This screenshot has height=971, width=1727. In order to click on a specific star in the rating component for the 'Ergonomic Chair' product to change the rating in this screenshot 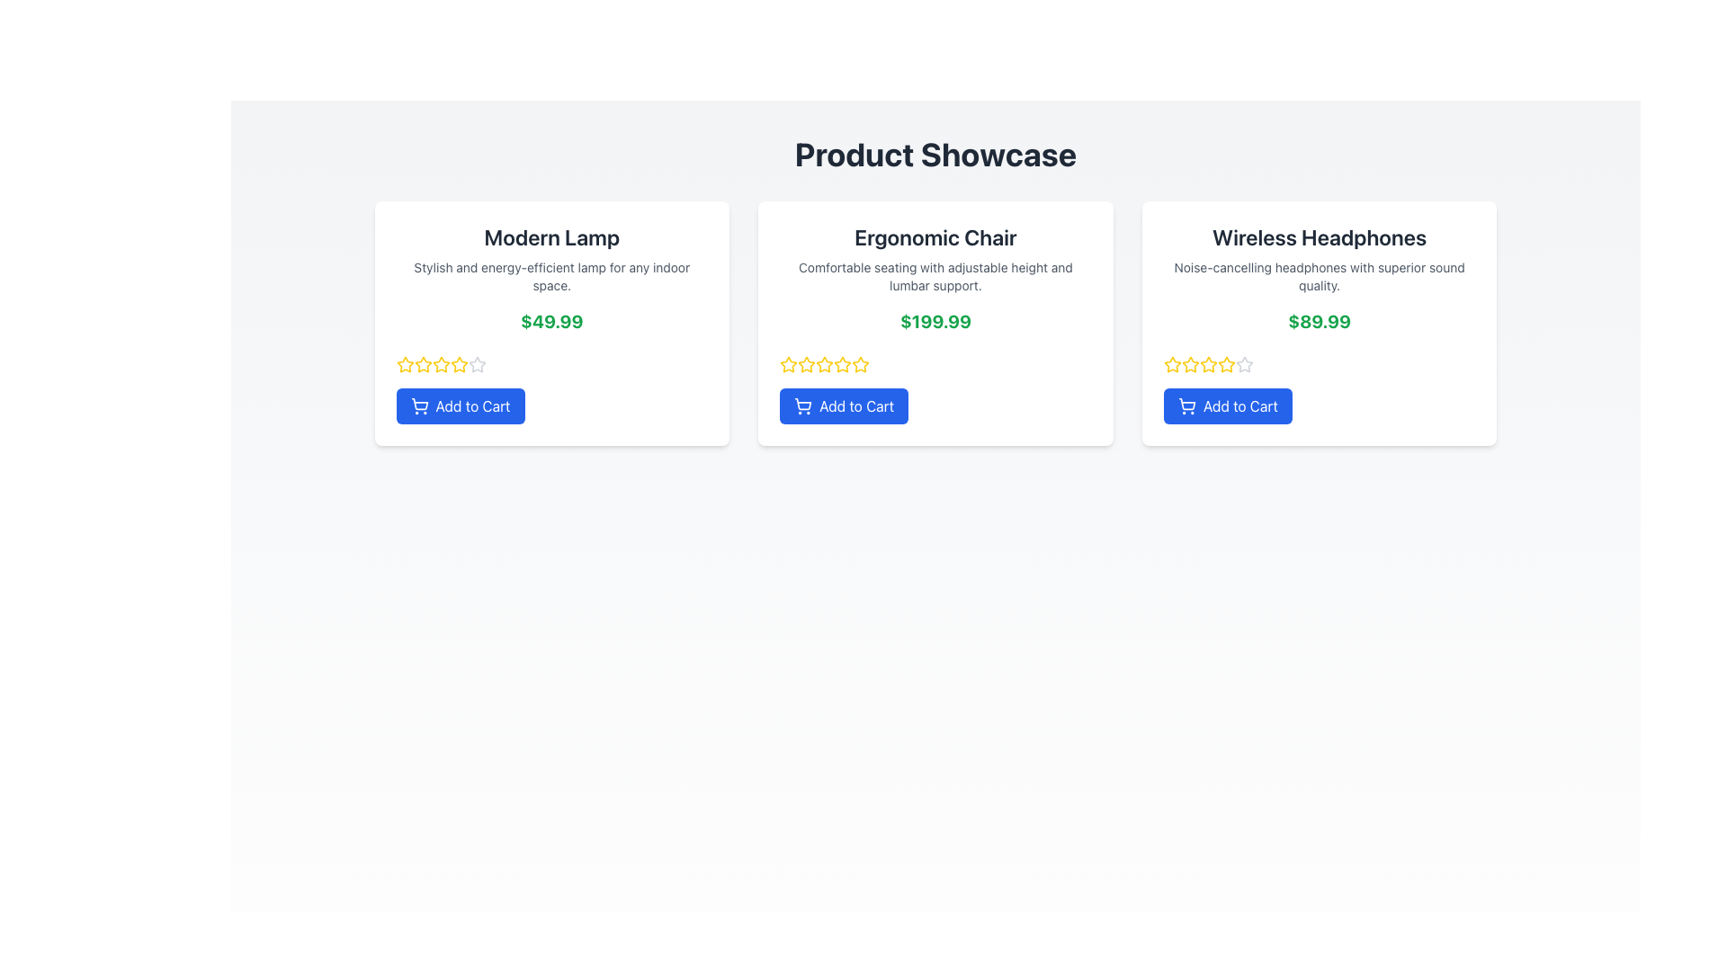, I will do `click(935, 364)`.